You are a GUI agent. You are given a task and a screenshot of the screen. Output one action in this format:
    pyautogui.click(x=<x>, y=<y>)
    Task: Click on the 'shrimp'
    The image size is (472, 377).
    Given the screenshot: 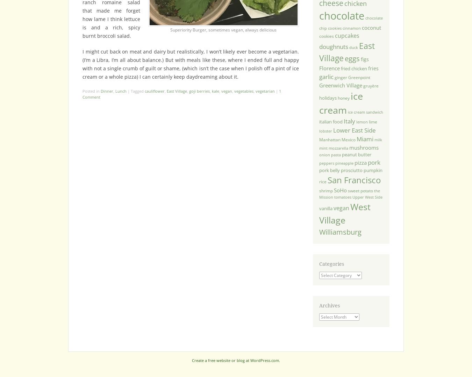 What is the action you would take?
    pyautogui.click(x=325, y=190)
    